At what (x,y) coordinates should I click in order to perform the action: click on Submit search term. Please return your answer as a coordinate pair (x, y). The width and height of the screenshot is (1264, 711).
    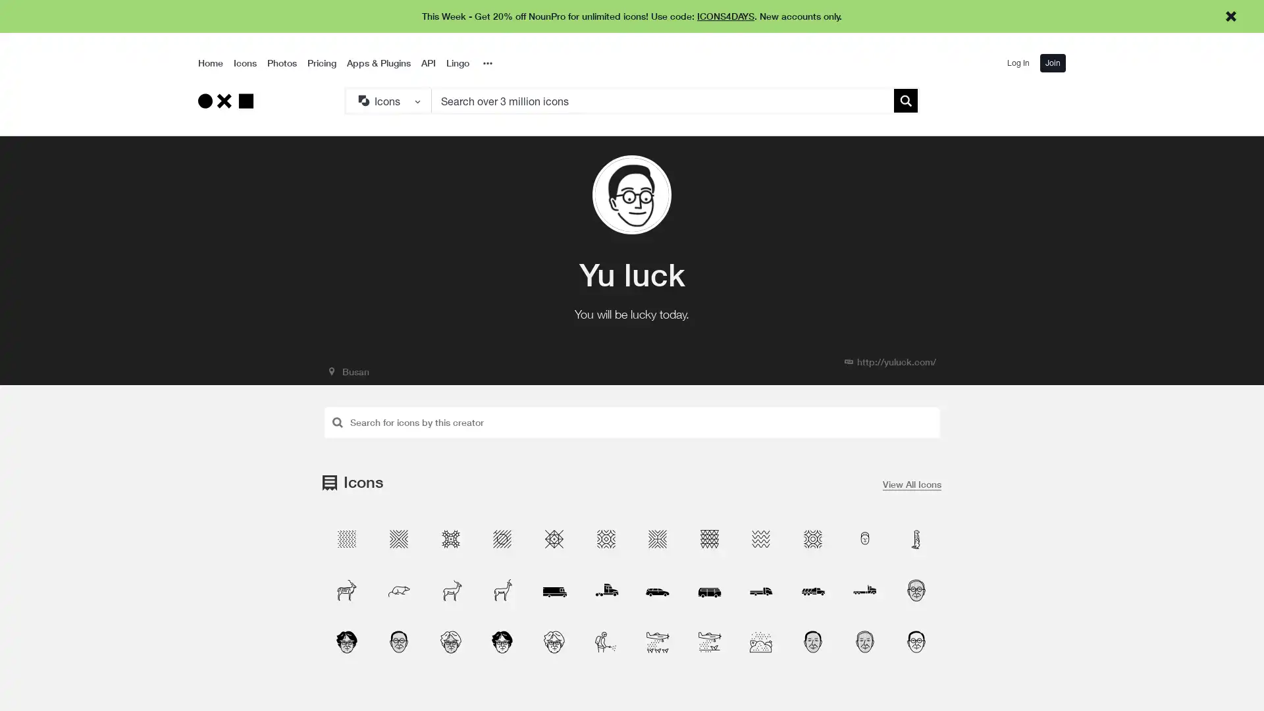
    Looking at the image, I should click on (904, 100).